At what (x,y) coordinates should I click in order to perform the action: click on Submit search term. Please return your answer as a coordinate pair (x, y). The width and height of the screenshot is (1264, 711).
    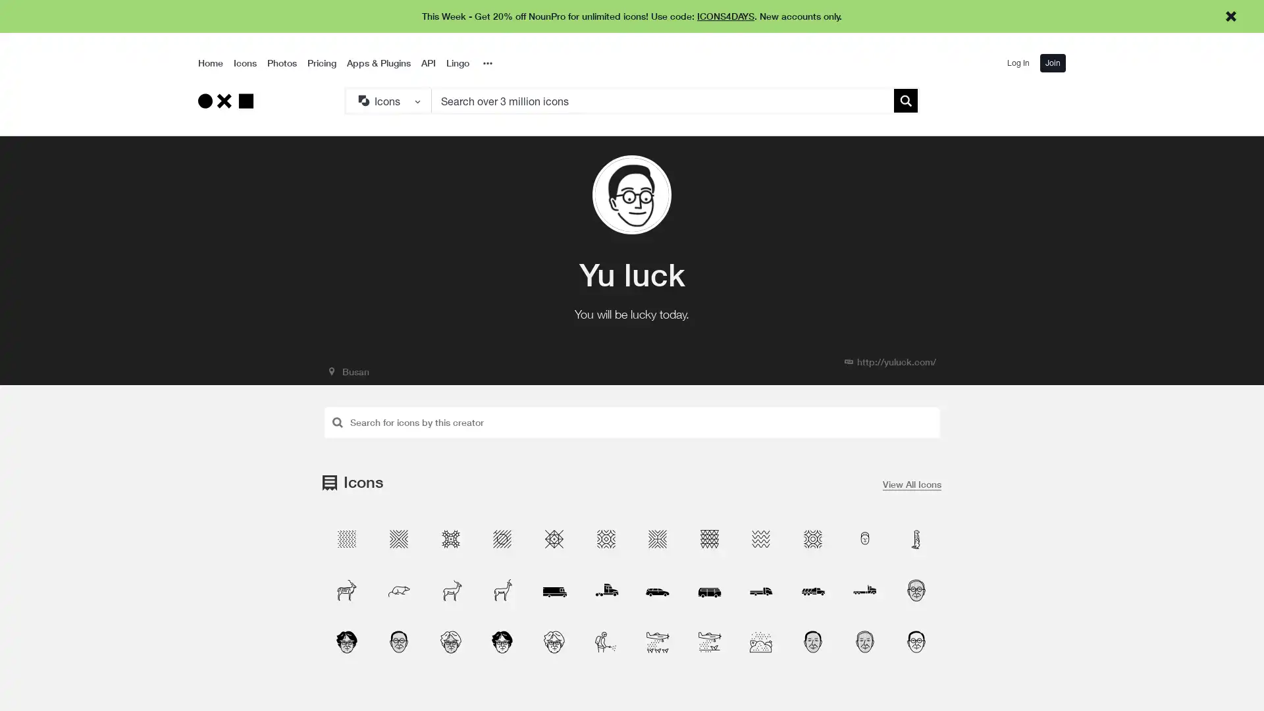
    Looking at the image, I should click on (904, 100).